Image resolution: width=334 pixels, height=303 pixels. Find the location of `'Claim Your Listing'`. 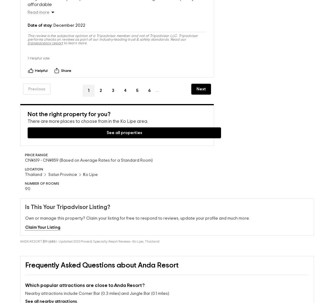

'Claim Your Listing' is located at coordinates (25, 221).